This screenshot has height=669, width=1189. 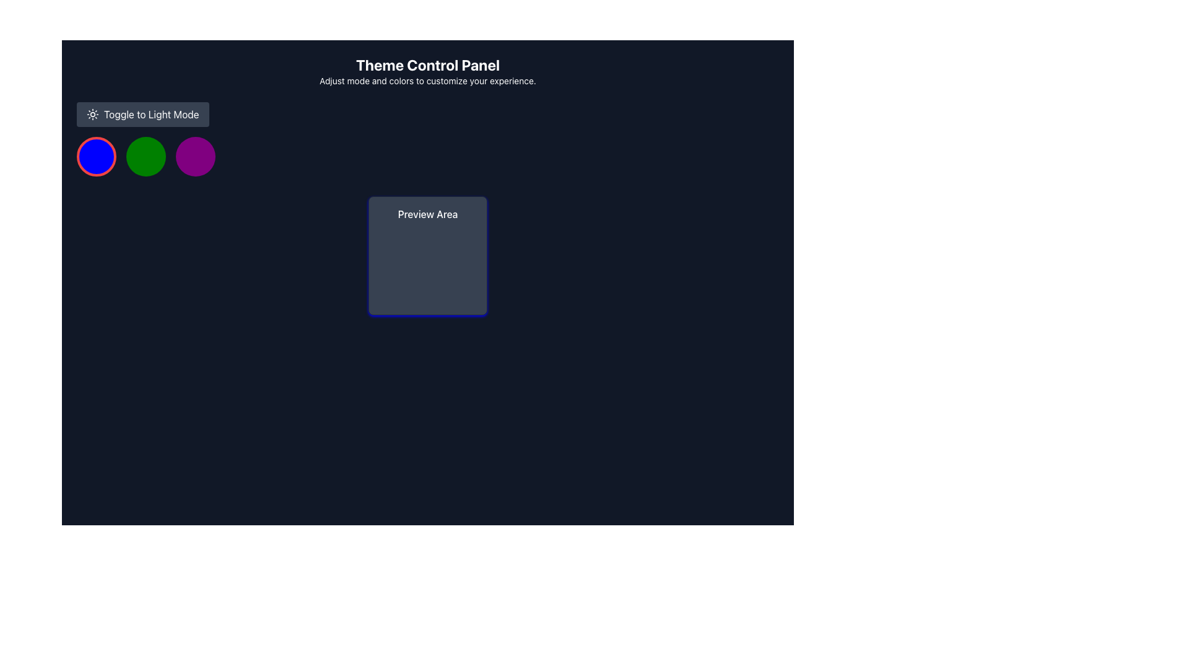 What do you see at coordinates (195, 156) in the screenshot?
I see `the third button in a horizontal group of three buttons, which is located beneath the 'Toggle to Light Mode' button` at bounding box center [195, 156].